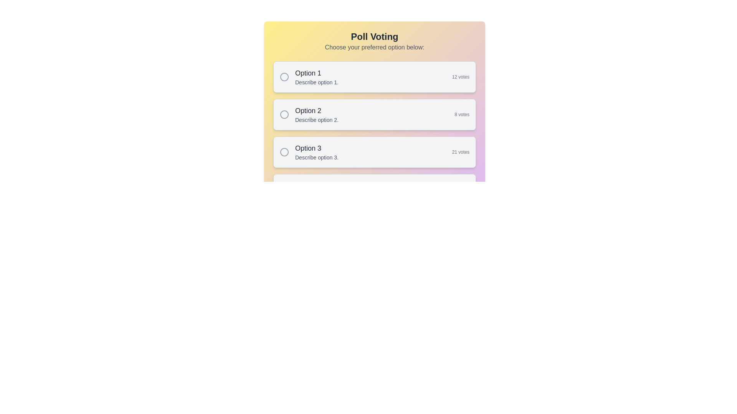 Image resolution: width=737 pixels, height=414 pixels. Describe the element at coordinates (461, 115) in the screenshot. I see `the static text display that shows '8 votes', styled as 'text-xs' and 'text-gray-500', located in the top-right corner of the second option card, next to 'Describe option 2'` at that location.